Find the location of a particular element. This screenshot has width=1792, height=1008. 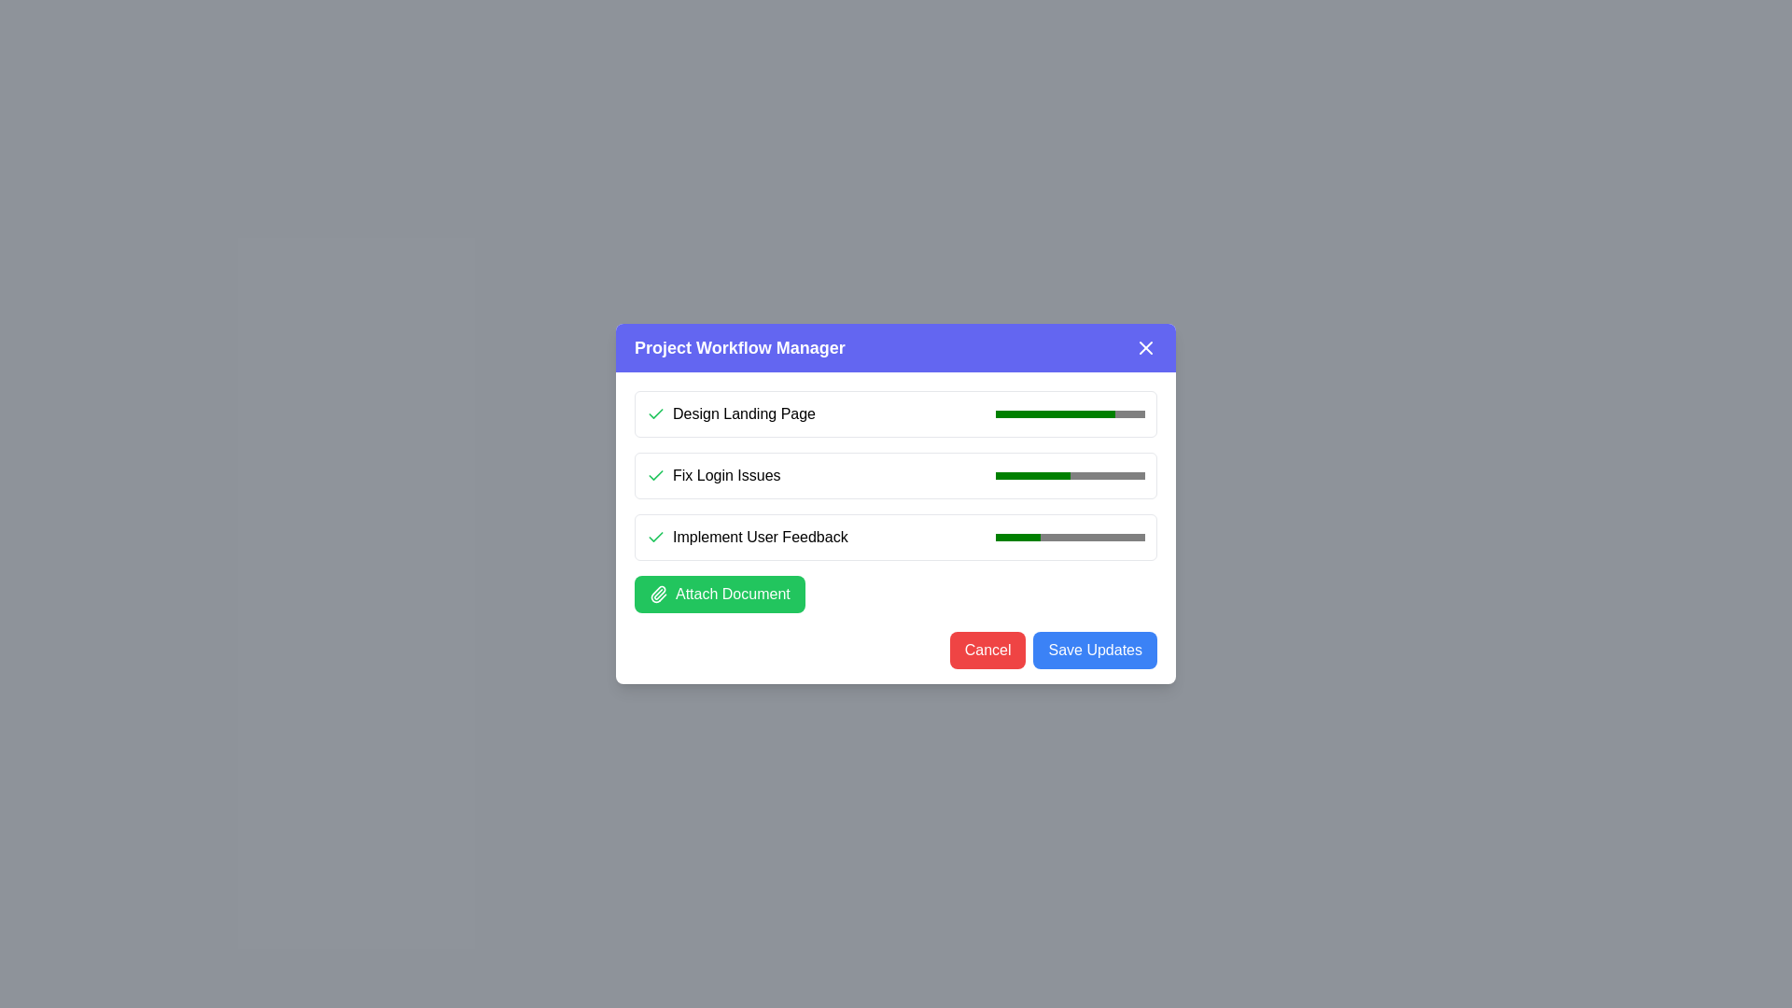

the individual task labeled 'Design Landing Page' within the task list in the Project Workflow Manager modal is located at coordinates (896, 500).